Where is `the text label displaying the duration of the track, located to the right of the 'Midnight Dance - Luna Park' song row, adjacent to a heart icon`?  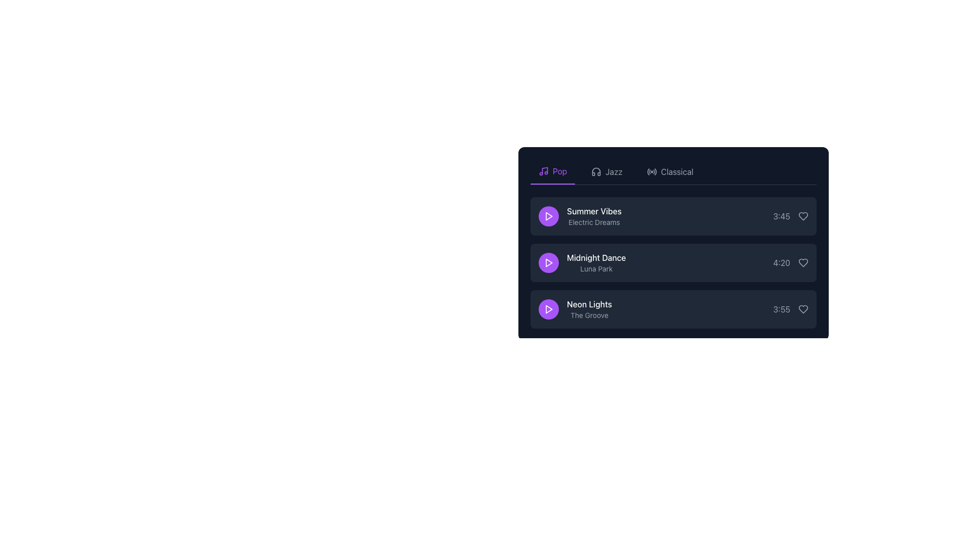
the text label displaying the duration of the track, located to the right of the 'Midnight Dance - Luna Park' song row, adjacent to a heart icon is located at coordinates (790, 262).